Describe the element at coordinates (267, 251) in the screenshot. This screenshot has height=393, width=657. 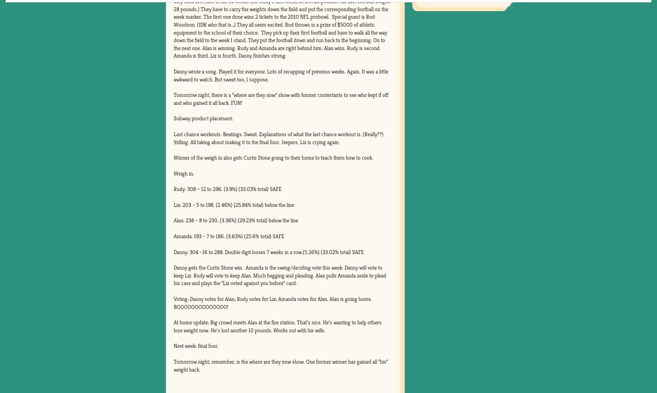
I see `'Danny: 304 –16 to 288. Double digit losses 7 weeks in a row.(5.26%) (33.02% total) SAFE'` at that location.